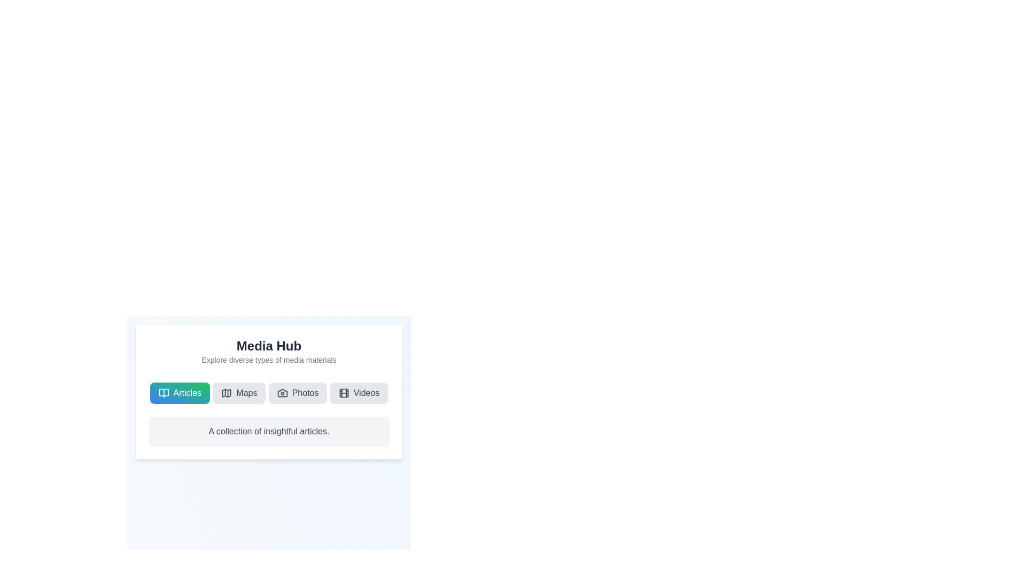 The width and height of the screenshot is (1026, 577). Describe the element at coordinates (180, 393) in the screenshot. I see `the 'Articles' navigation button, which is the leftmost option in the horizontal menu under the 'Media Hub' heading` at that location.